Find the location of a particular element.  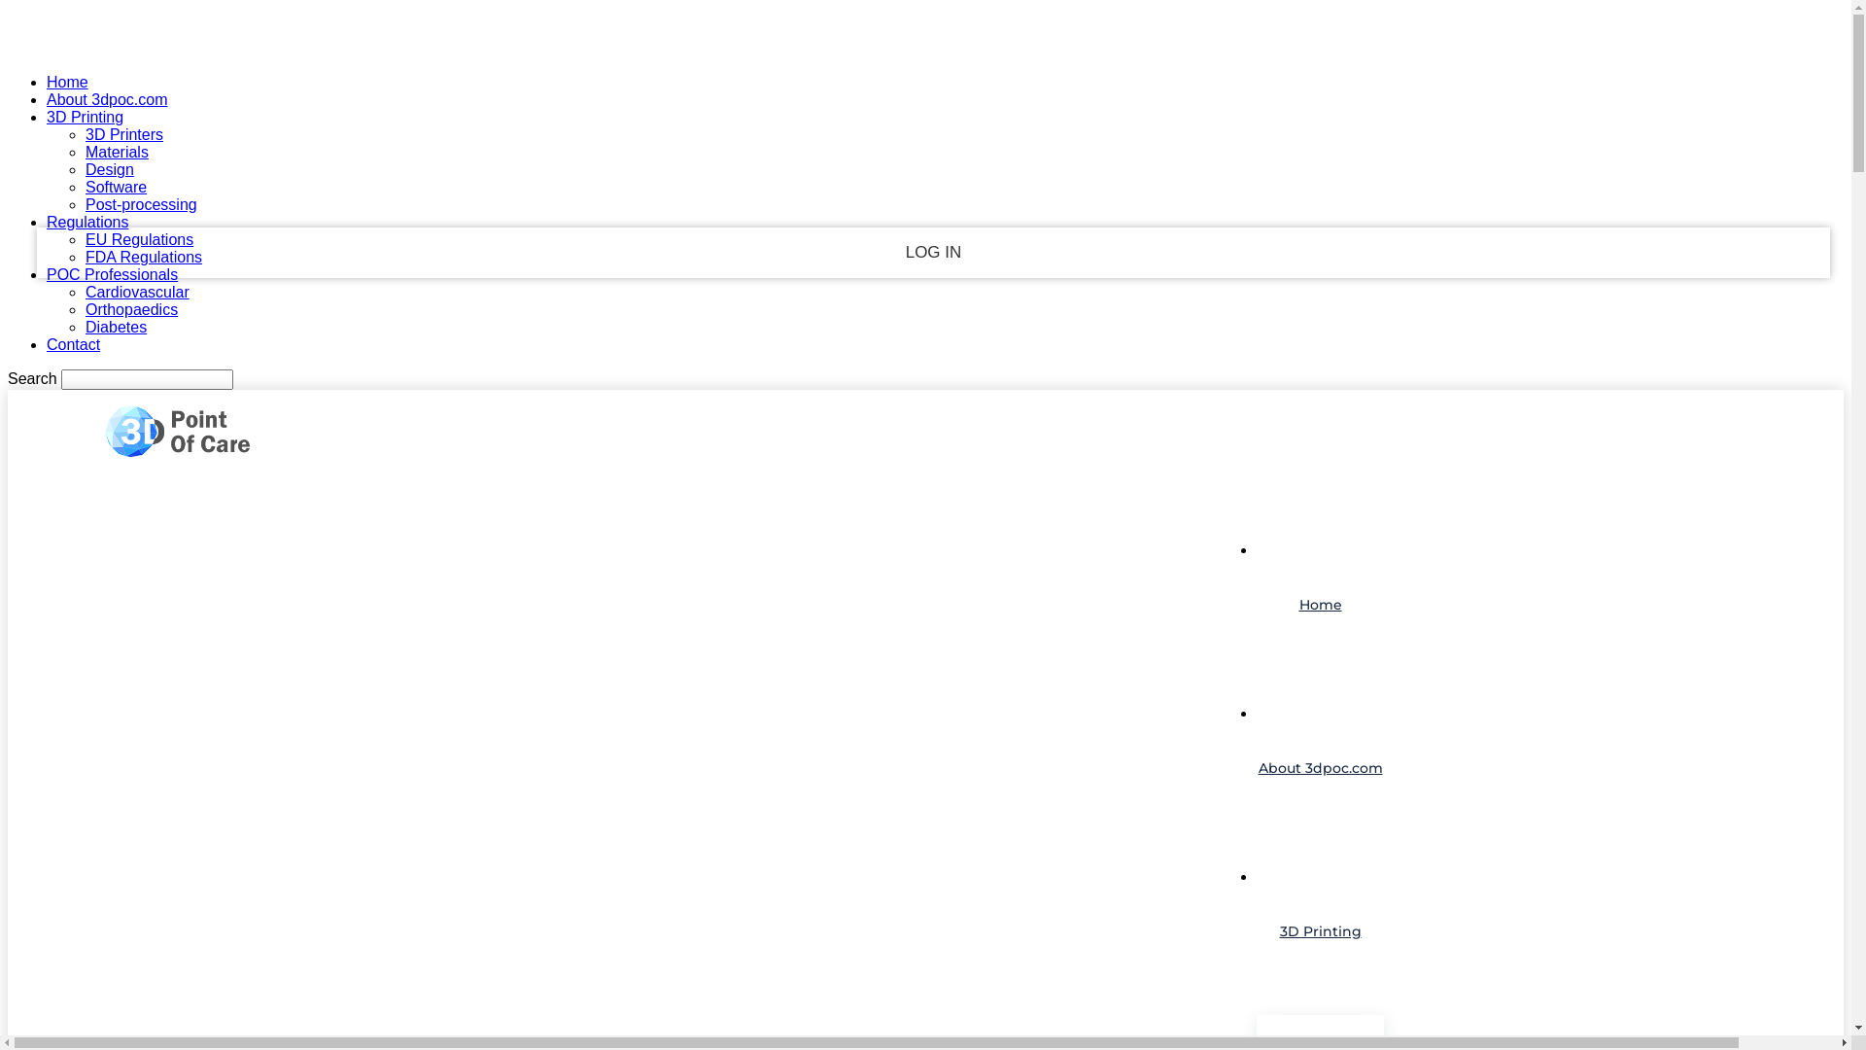

'Design' is located at coordinates (84, 168).